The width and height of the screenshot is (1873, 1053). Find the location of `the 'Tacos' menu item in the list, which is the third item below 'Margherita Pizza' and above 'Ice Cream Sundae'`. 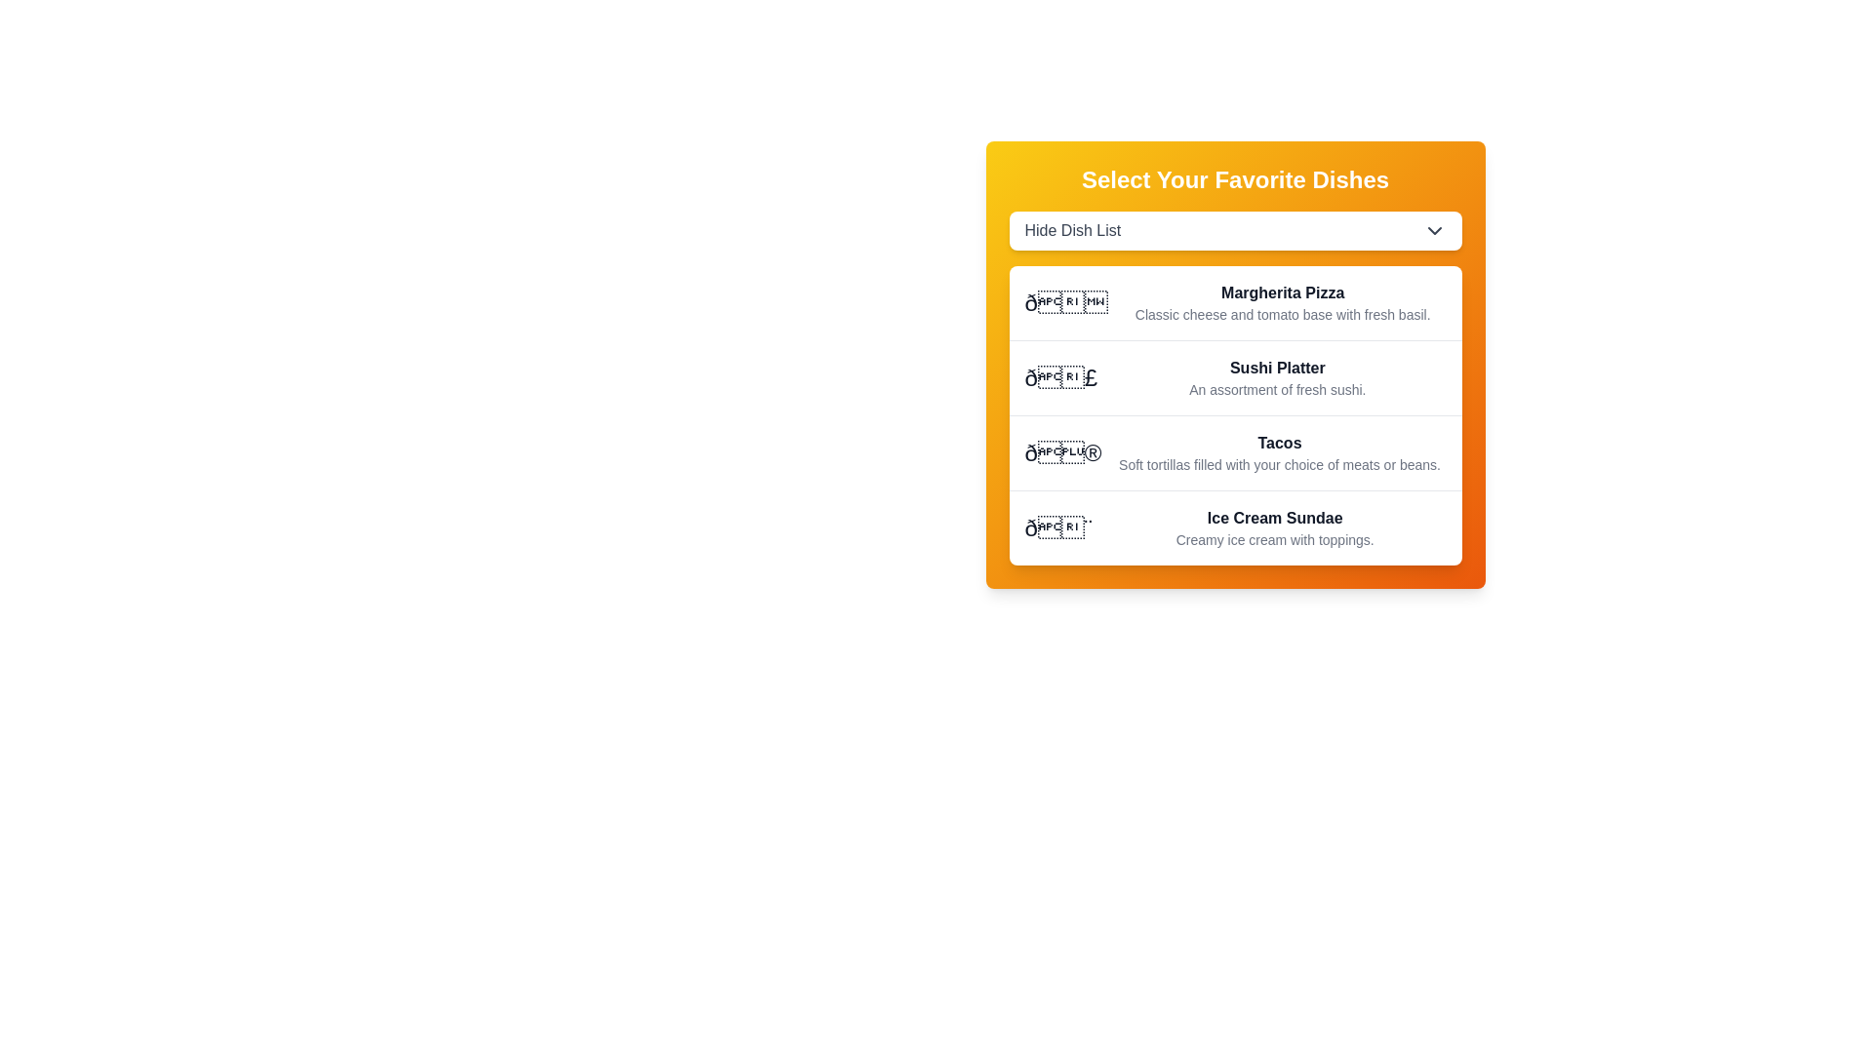

the 'Tacos' menu item in the list, which is the third item below 'Margherita Pizza' and above 'Ice Cream Sundae' is located at coordinates (1234, 452).